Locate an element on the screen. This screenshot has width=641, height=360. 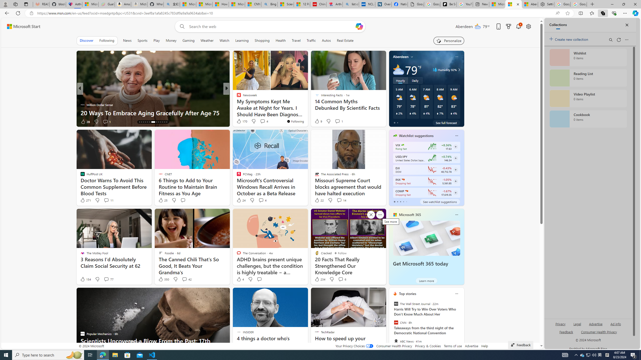
'See watchlist suggestions' is located at coordinates (440, 202).